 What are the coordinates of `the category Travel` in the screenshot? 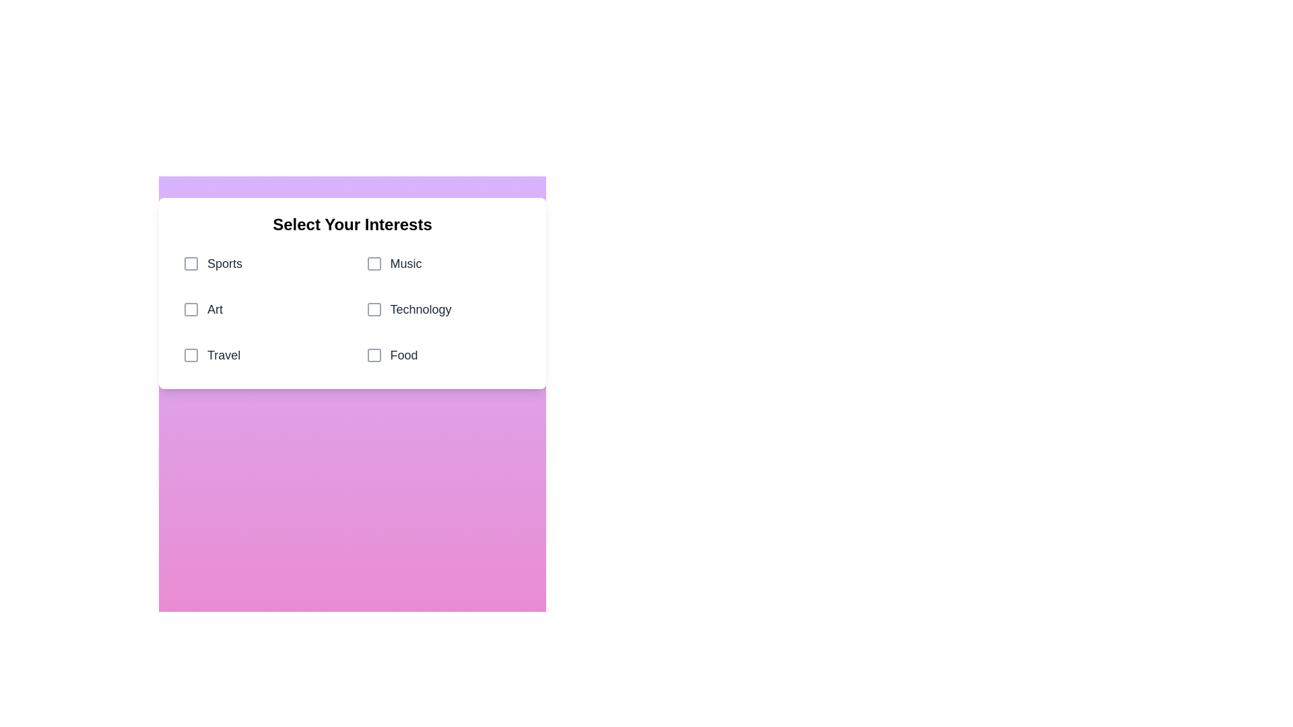 It's located at (261, 355).